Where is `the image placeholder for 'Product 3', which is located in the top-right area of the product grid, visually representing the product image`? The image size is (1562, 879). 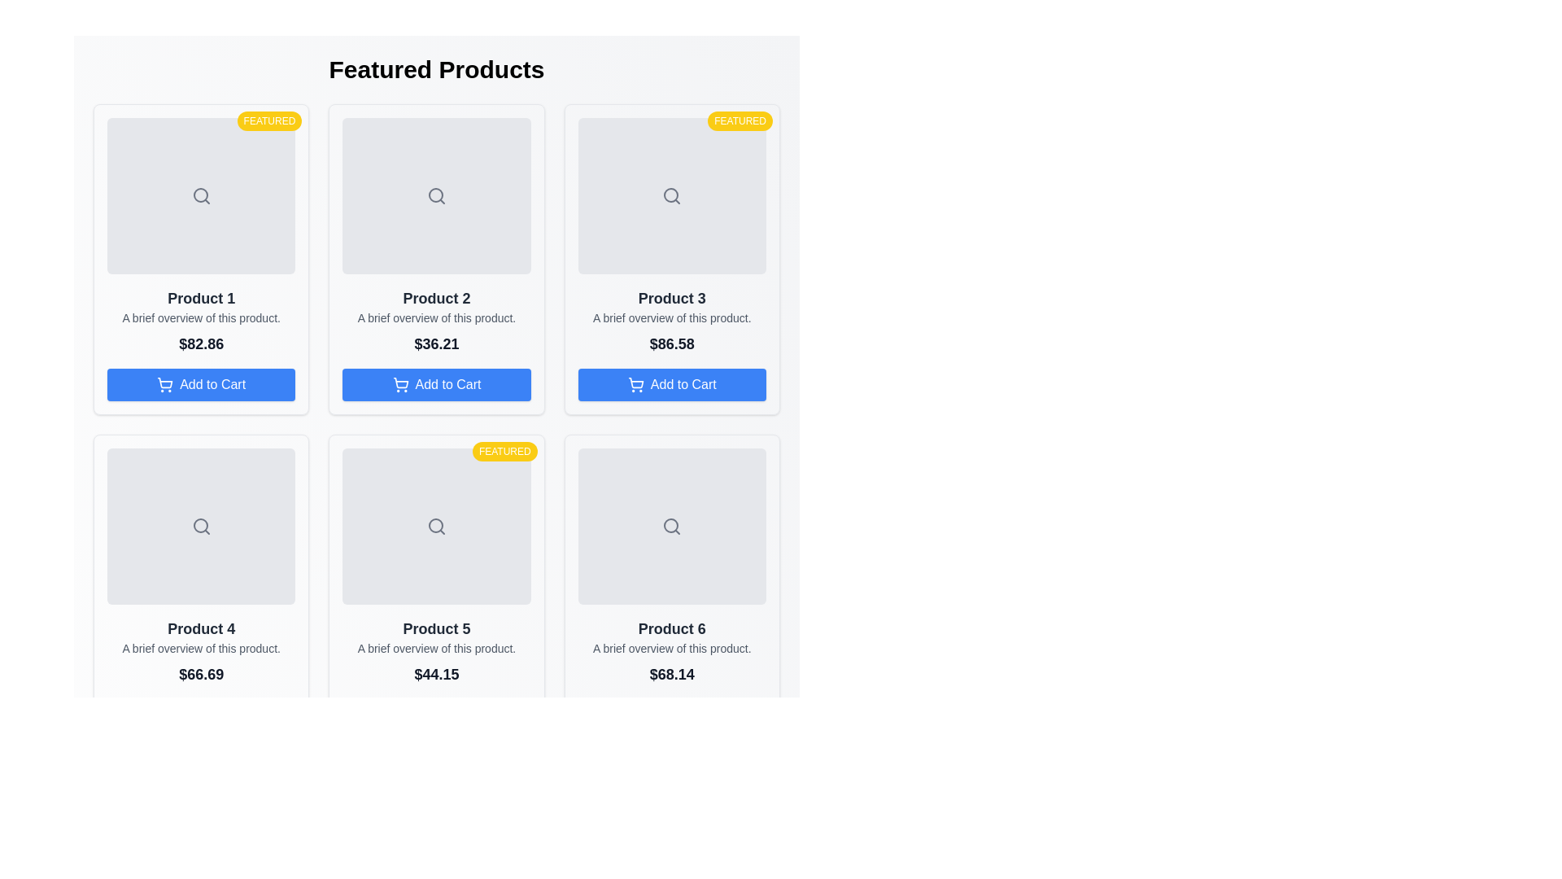
the image placeholder for 'Product 3', which is located in the top-right area of the product grid, visually representing the product image is located at coordinates (672, 195).